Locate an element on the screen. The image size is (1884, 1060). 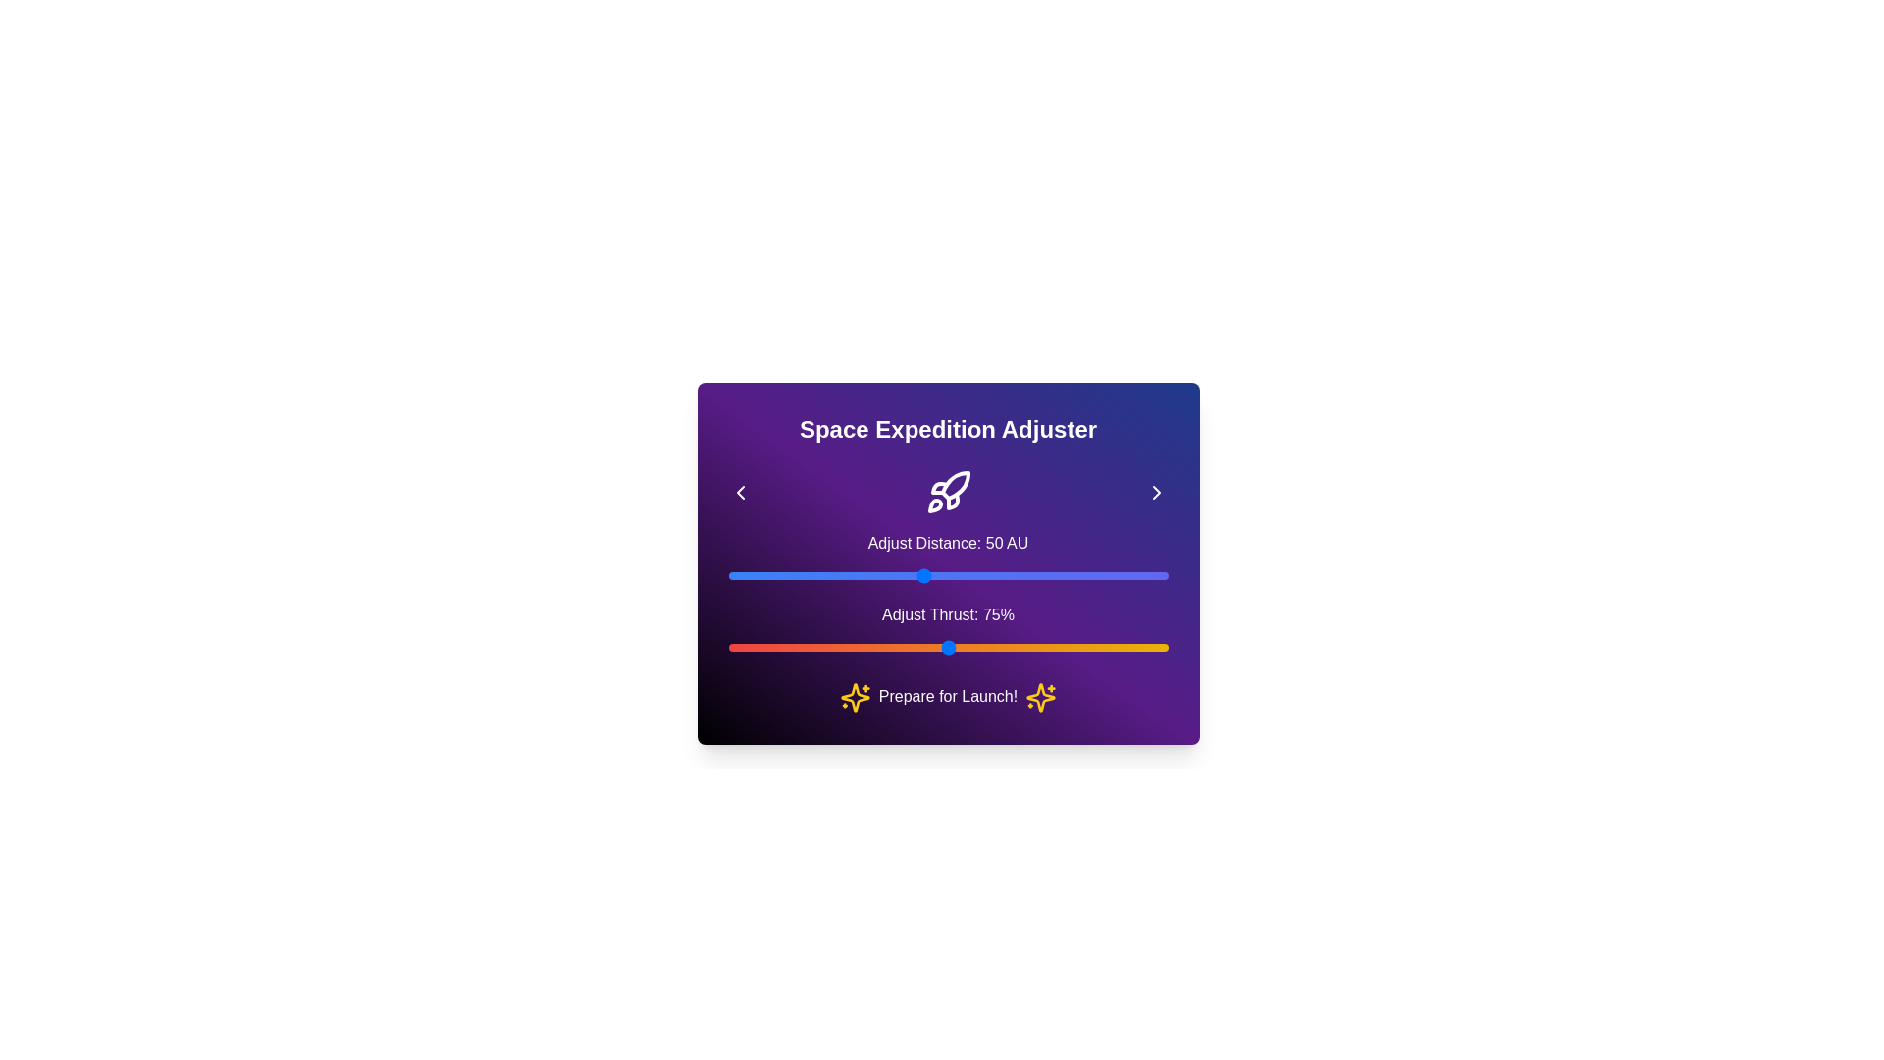
the thrust to 71% by interacting with the slider is located at coordinates (912, 647).